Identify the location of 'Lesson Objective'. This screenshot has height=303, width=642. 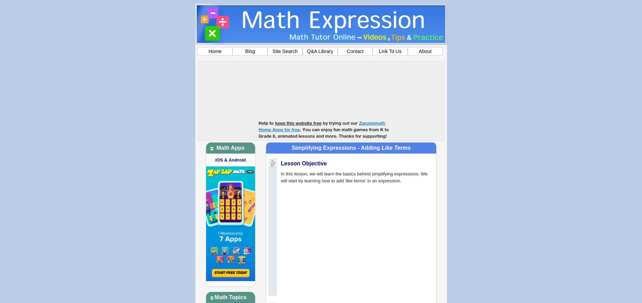
(281, 163).